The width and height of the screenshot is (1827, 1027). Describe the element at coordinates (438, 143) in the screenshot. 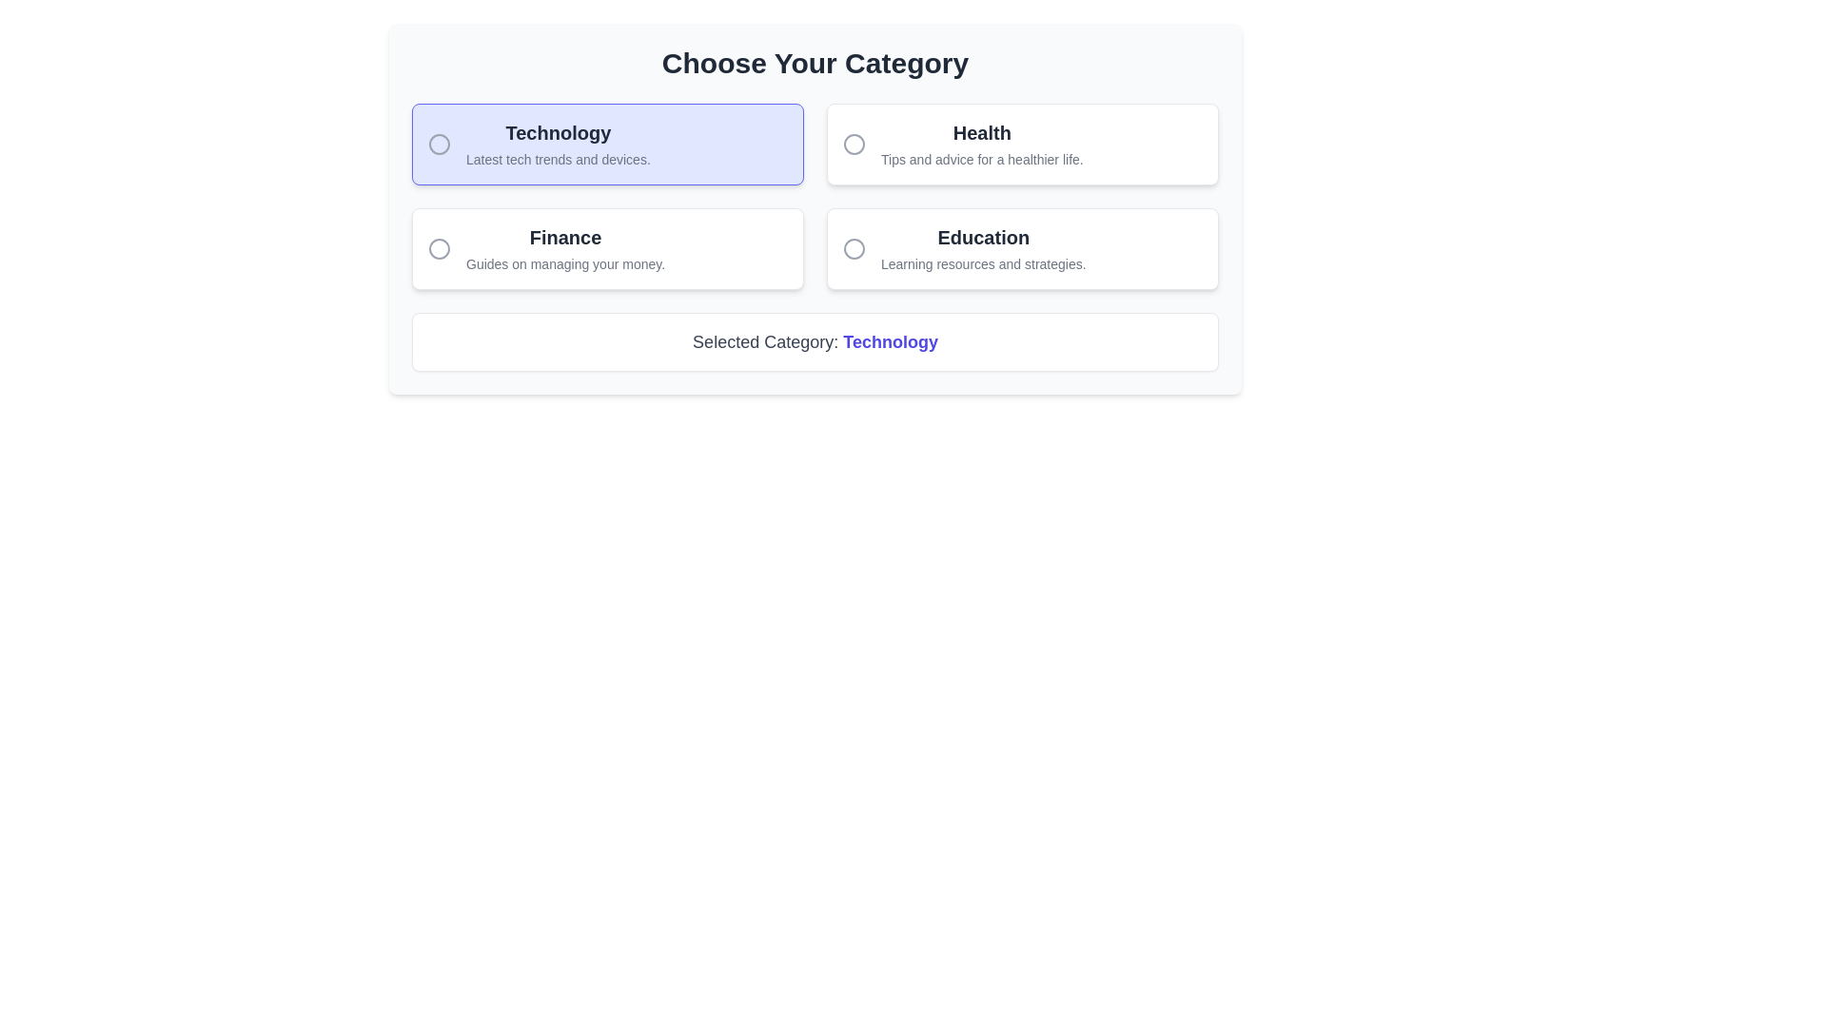

I see `the circular gray icon with a border located in front of the 'Technology' title in the highlighted selection box` at that location.